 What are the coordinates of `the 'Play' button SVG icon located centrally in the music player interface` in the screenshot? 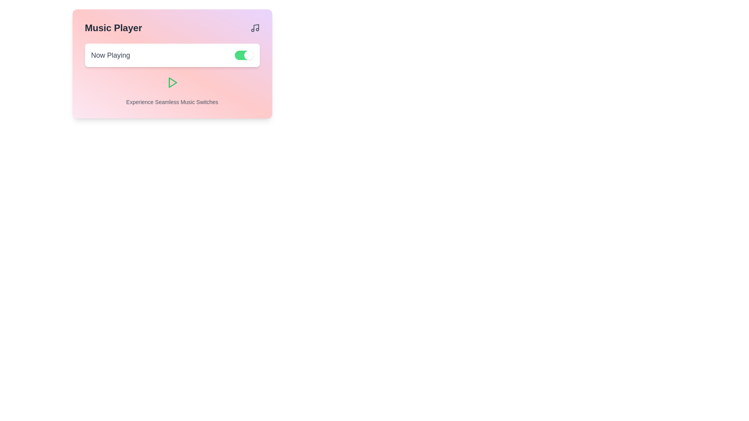 It's located at (172, 83).